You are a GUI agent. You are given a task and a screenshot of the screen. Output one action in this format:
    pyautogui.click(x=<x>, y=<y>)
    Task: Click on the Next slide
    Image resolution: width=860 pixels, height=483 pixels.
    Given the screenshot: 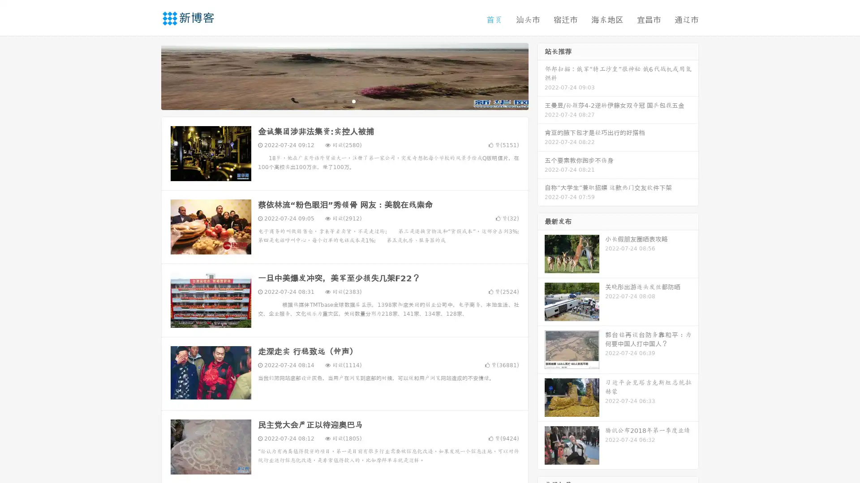 What is the action you would take?
    pyautogui.click(x=541, y=75)
    